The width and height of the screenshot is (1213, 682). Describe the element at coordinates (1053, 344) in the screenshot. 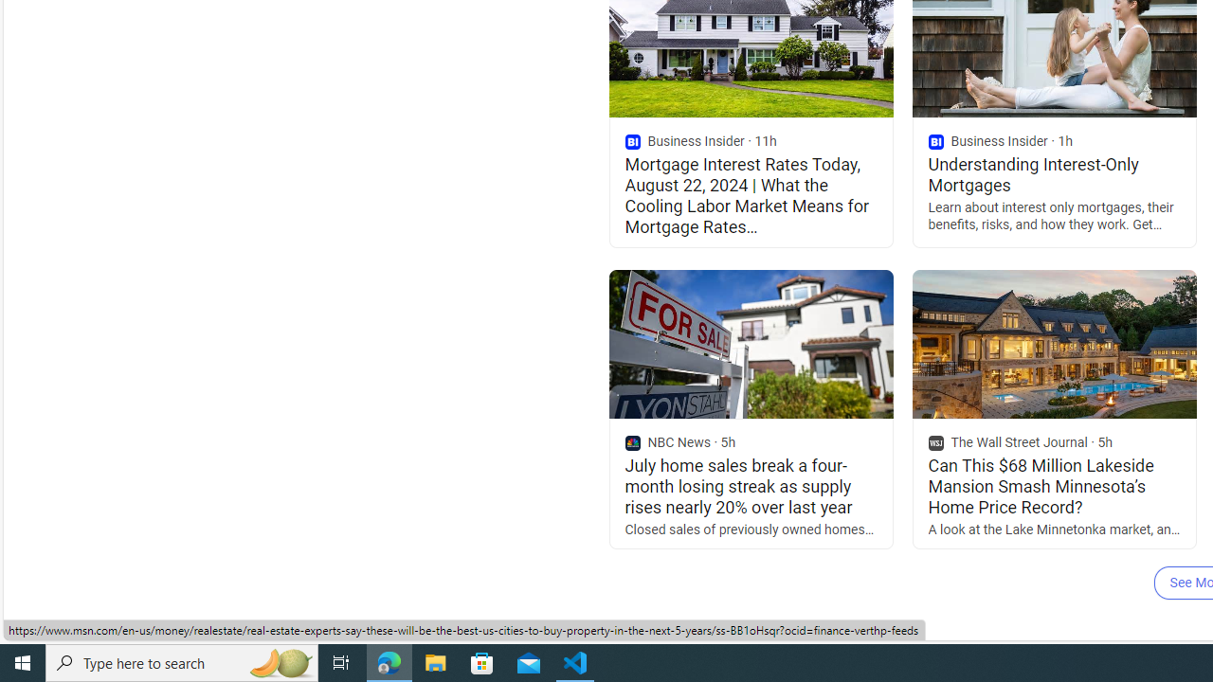

I see `'Class: index-module__image--a7f677'` at that location.